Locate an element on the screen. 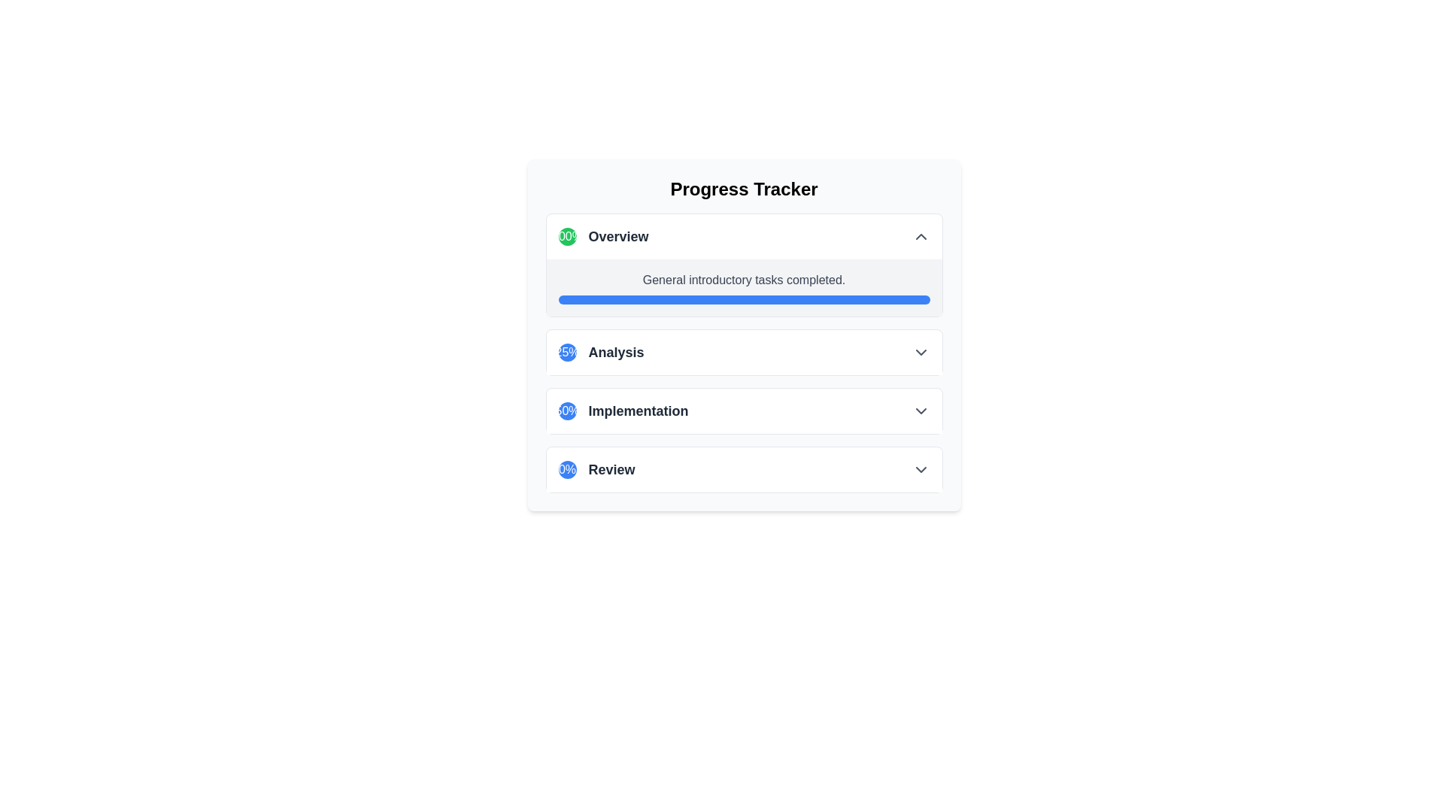 The height and width of the screenshot is (812, 1444). the static informational display showing a blue circular badge with '0%' and the word 'Review' in bold dark gray text, located within the 'Progress Tracker' card below the 'Implementation' item is located at coordinates (596, 468).